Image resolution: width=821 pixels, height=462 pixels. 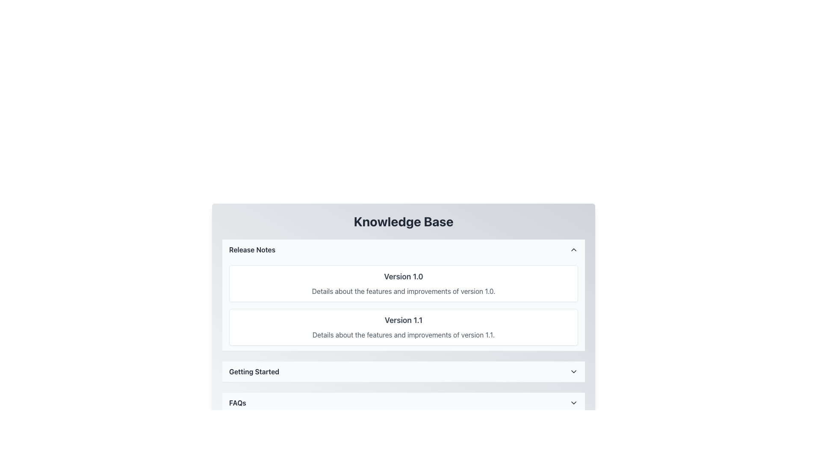 I want to click on the Expandable menu item labeled 'Getting Started', so click(x=403, y=371).